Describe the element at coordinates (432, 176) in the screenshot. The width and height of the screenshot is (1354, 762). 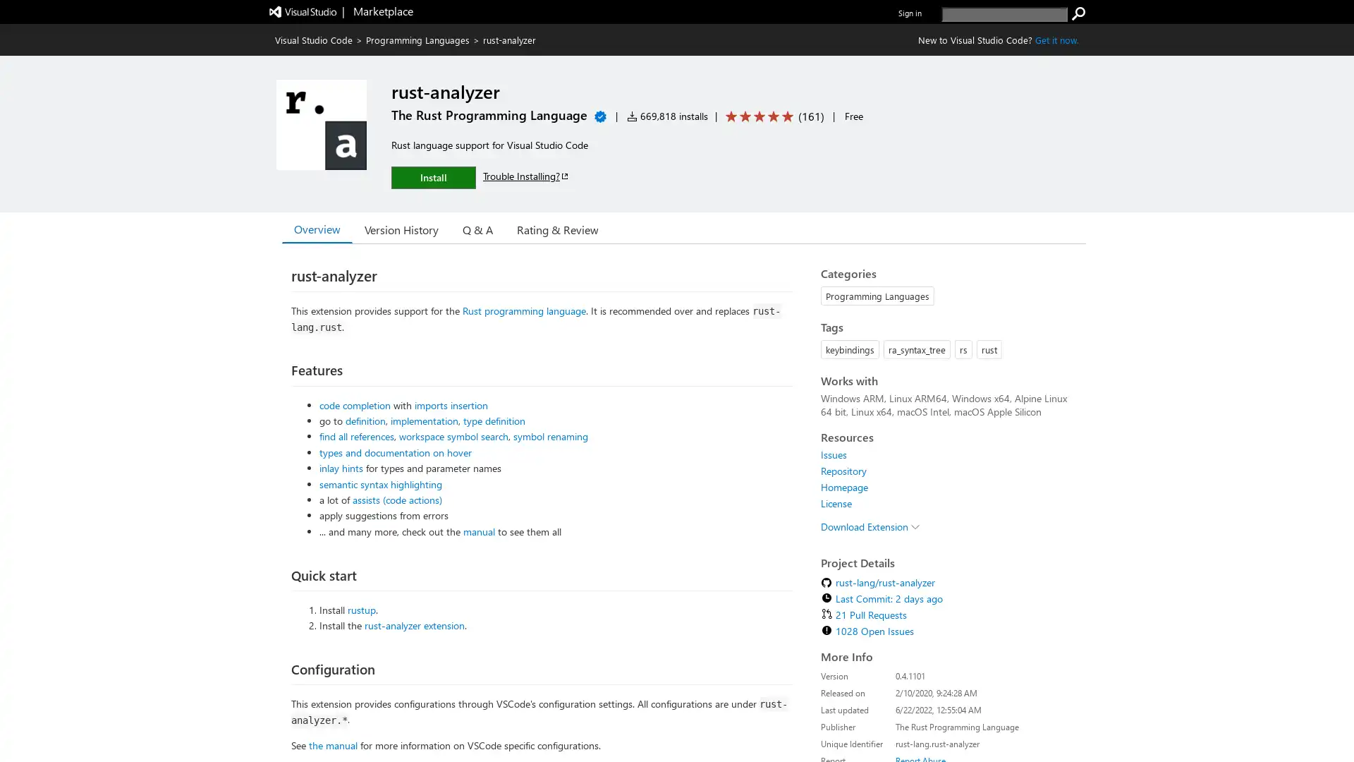
I see `Install` at that location.